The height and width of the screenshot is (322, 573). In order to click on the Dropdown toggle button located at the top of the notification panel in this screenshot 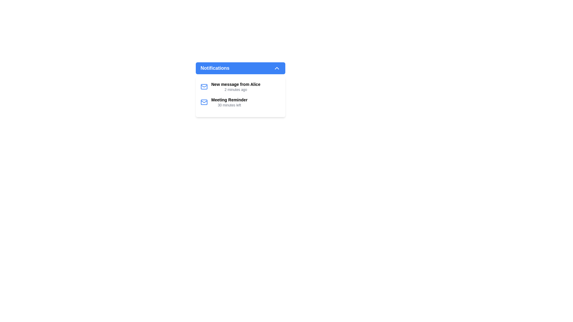, I will do `click(241, 68)`.